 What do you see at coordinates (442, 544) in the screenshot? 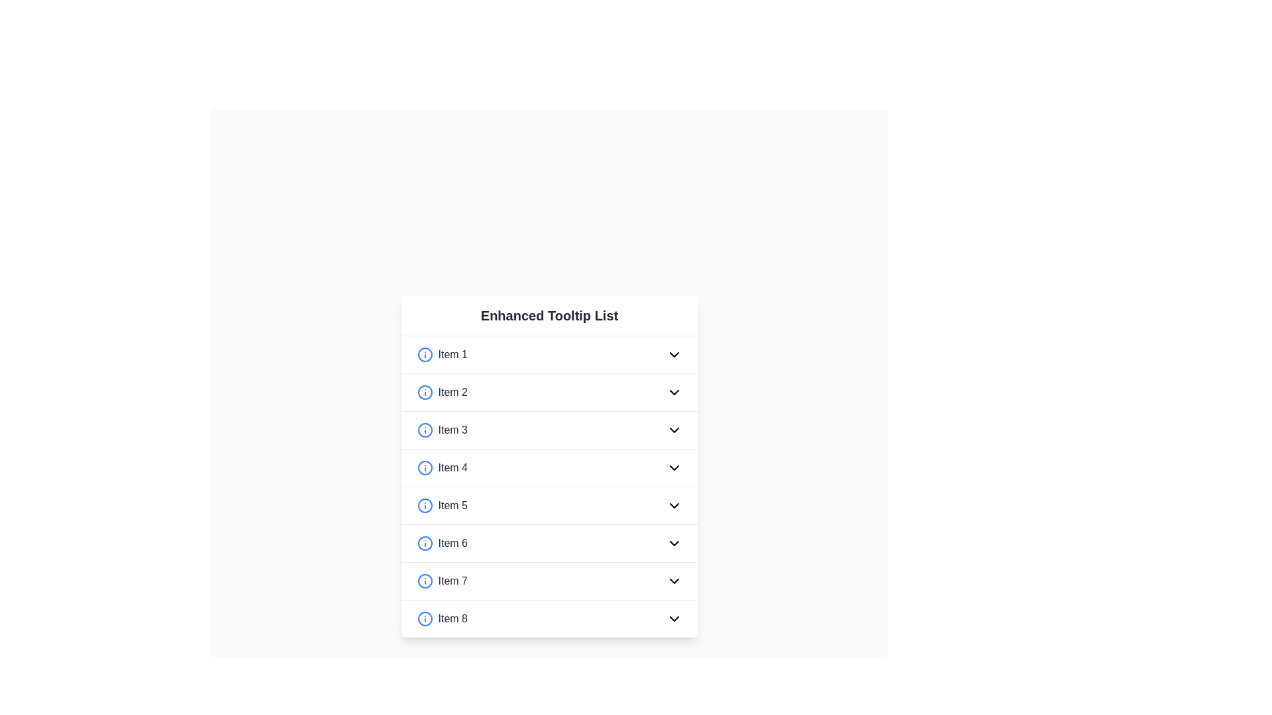
I see `the adjacent circular icon of the sixth list item labeled 'Item 6' in the 'Enhanced Tooltip List'` at bounding box center [442, 544].